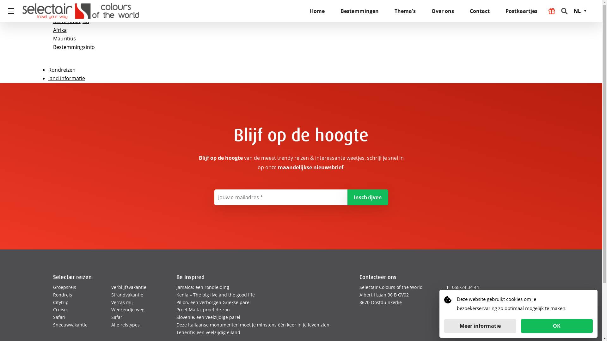 Image resolution: width=607 pixels, height=341 pixels. Describe the element at coordinates (176, 309) in the screenshot. I see `'Proef Malta, proef de zon'` at that location.